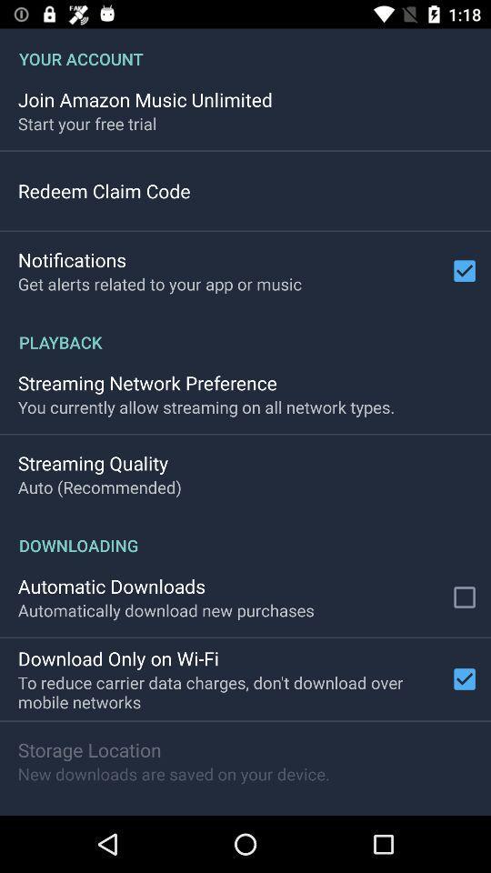 The image size is (491, 873). What do you see at coordinates (245, 48) in the screenshot?
I see `the your account` at bounding box center [245, 48].